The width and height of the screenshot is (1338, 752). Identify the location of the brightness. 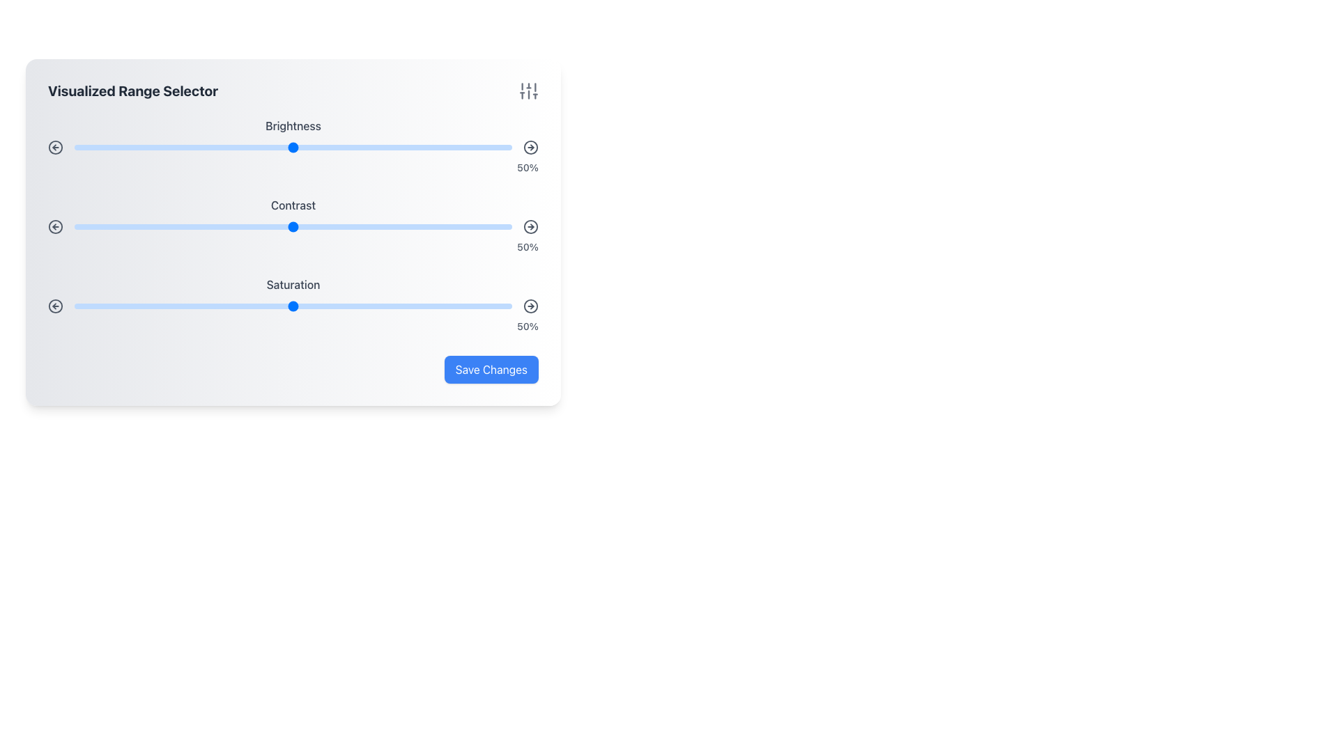
(144, 148).